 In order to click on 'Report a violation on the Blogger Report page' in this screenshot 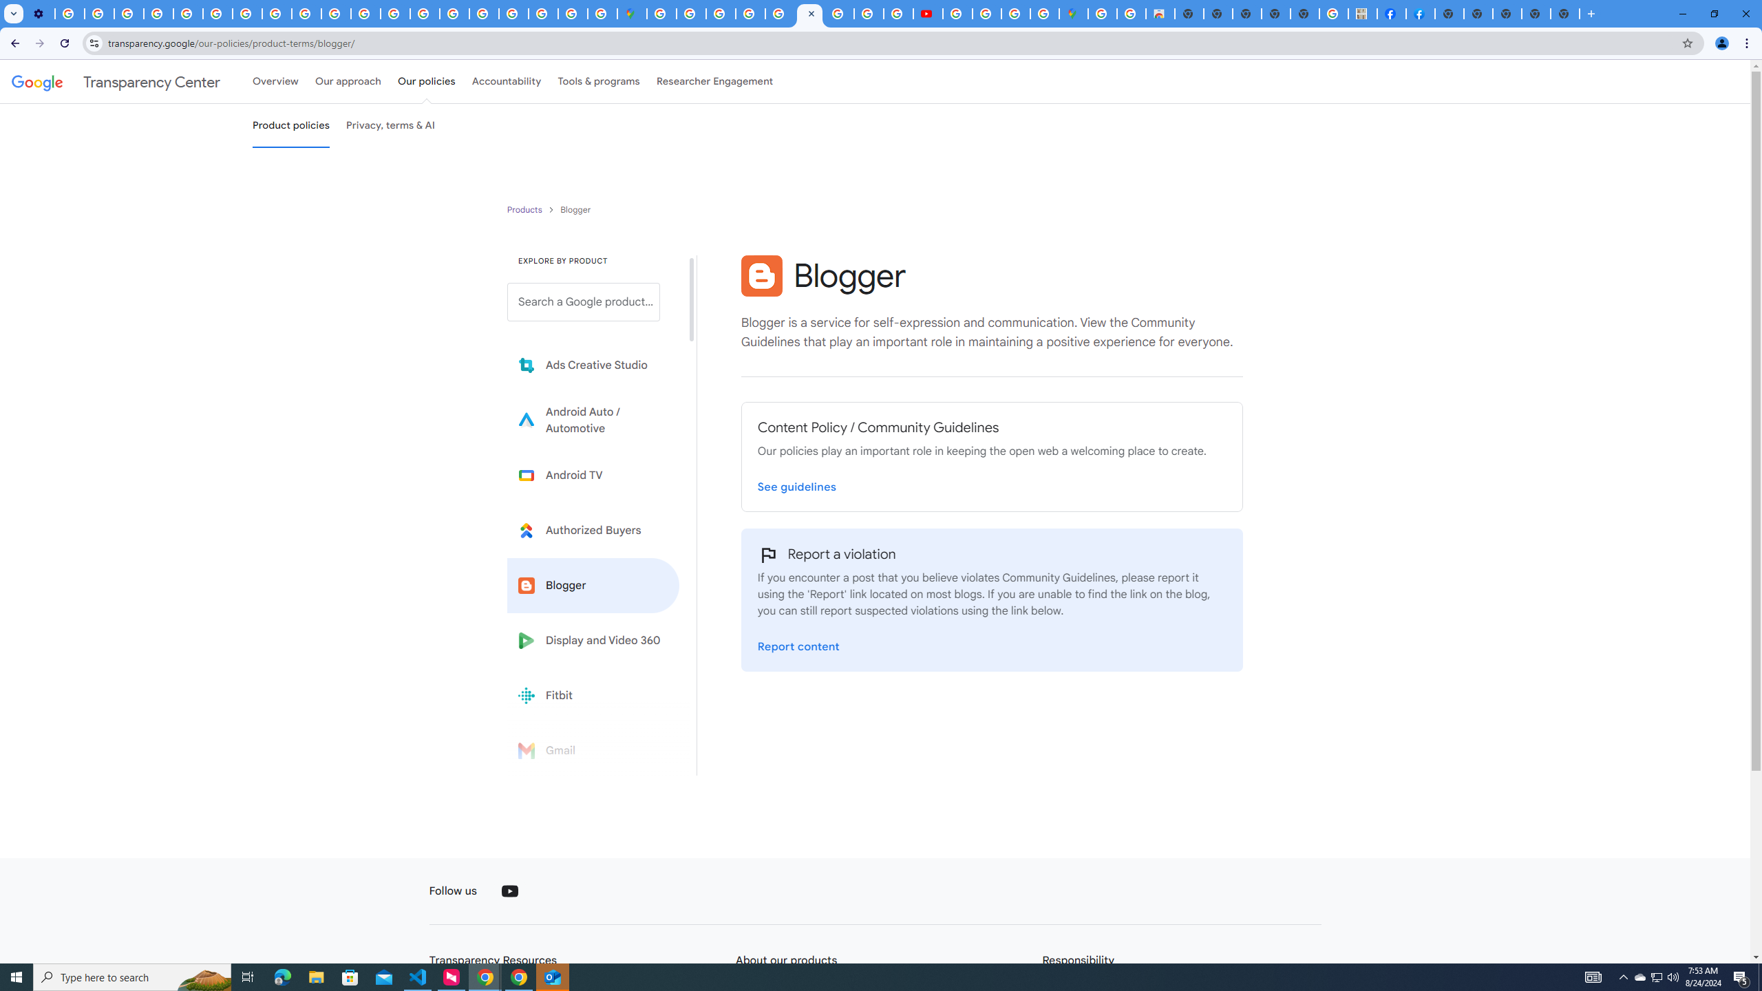, I will do `click(798, 646)`.